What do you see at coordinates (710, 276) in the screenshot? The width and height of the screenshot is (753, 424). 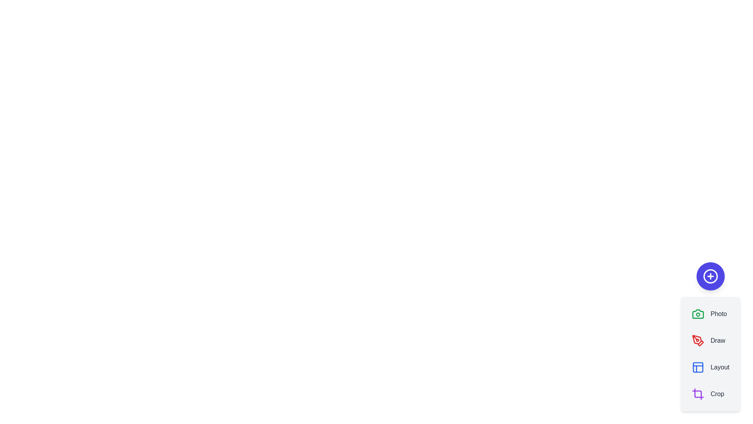 I see `floating button to toggle the speed dial menu` at bounding box center [710, 276].